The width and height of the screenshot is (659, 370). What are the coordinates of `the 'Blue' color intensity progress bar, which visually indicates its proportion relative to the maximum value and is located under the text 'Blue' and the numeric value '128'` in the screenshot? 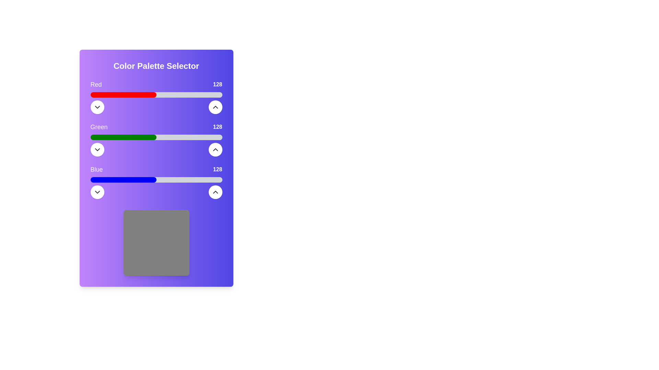 It's located at (156, 179).